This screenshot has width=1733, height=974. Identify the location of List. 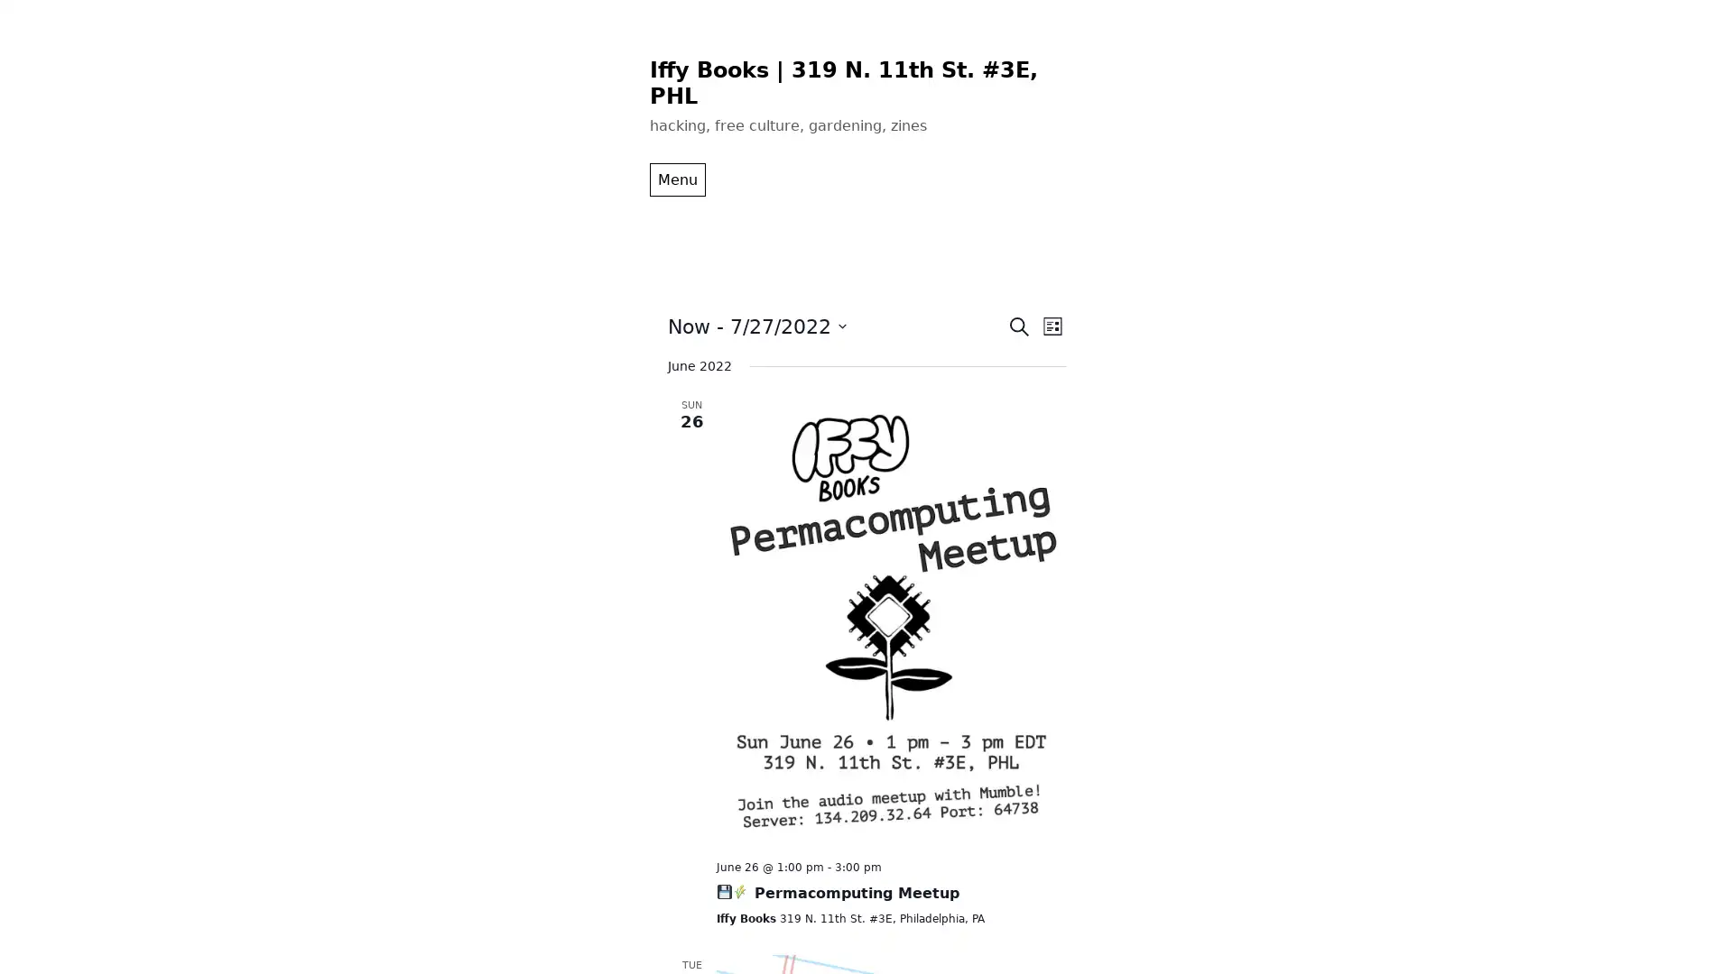
(1052, 326).